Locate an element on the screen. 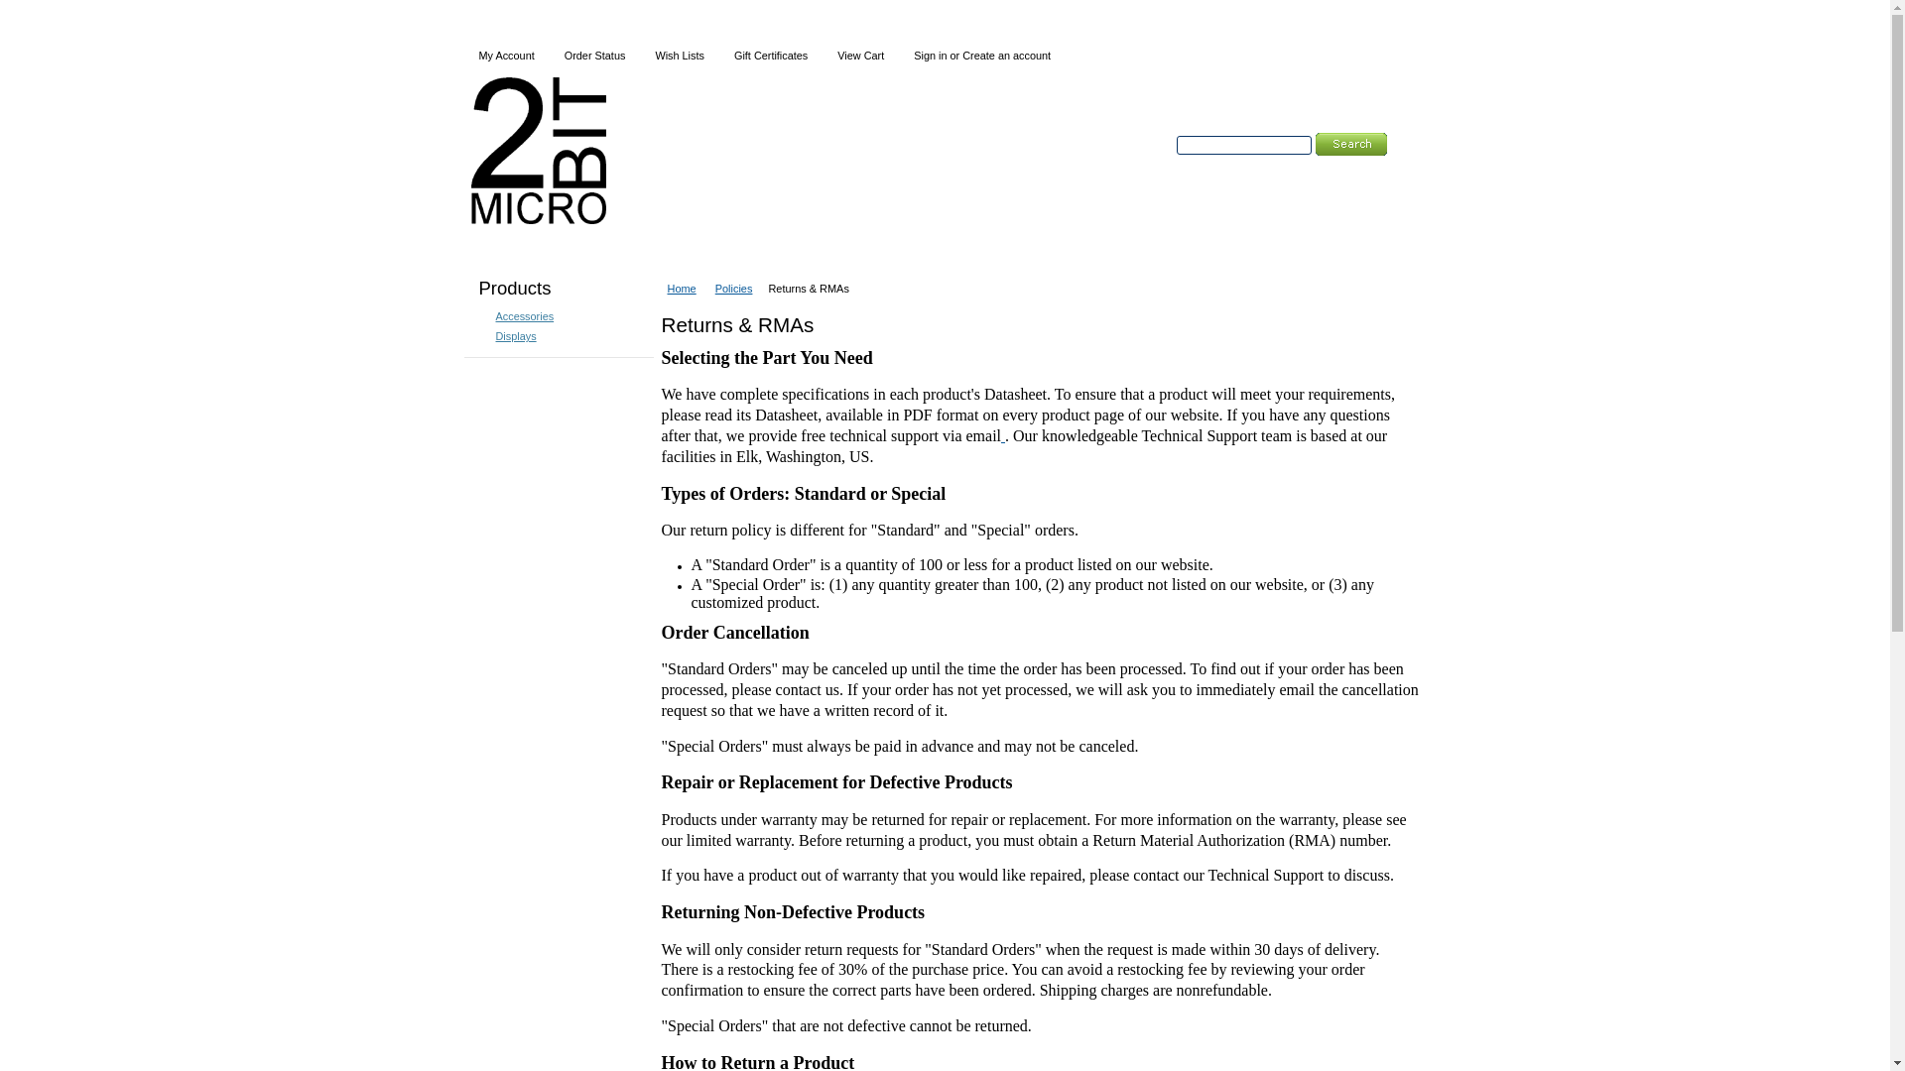 This screenshot has height=1071, width=1905. 'Order Status' is located at coordinates (594, 55).